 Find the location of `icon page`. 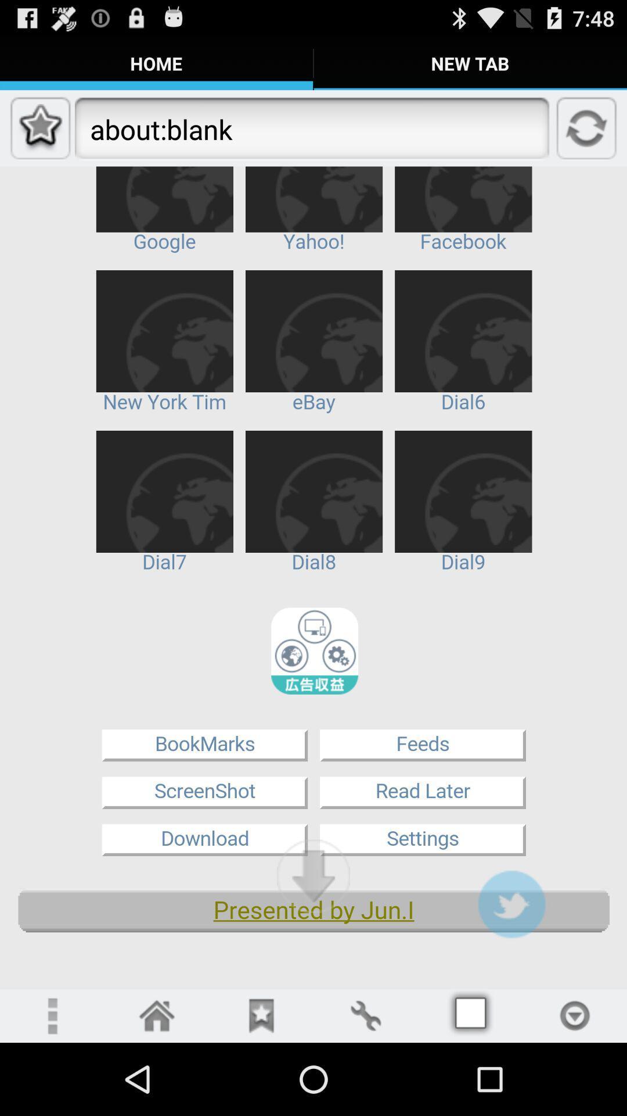

icon page is located at coordinates (575, 1015).